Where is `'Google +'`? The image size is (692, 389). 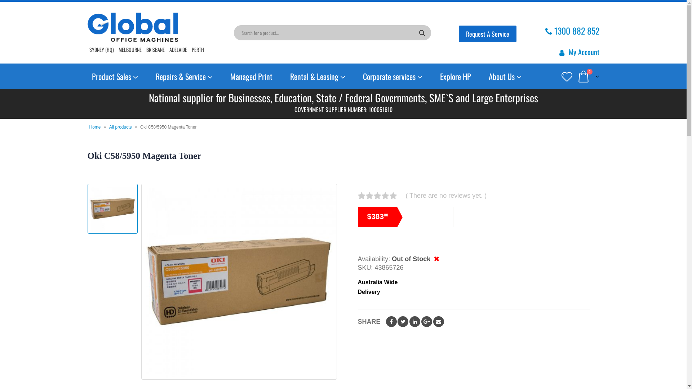
'Google +' is located at coordinates (427, 321).